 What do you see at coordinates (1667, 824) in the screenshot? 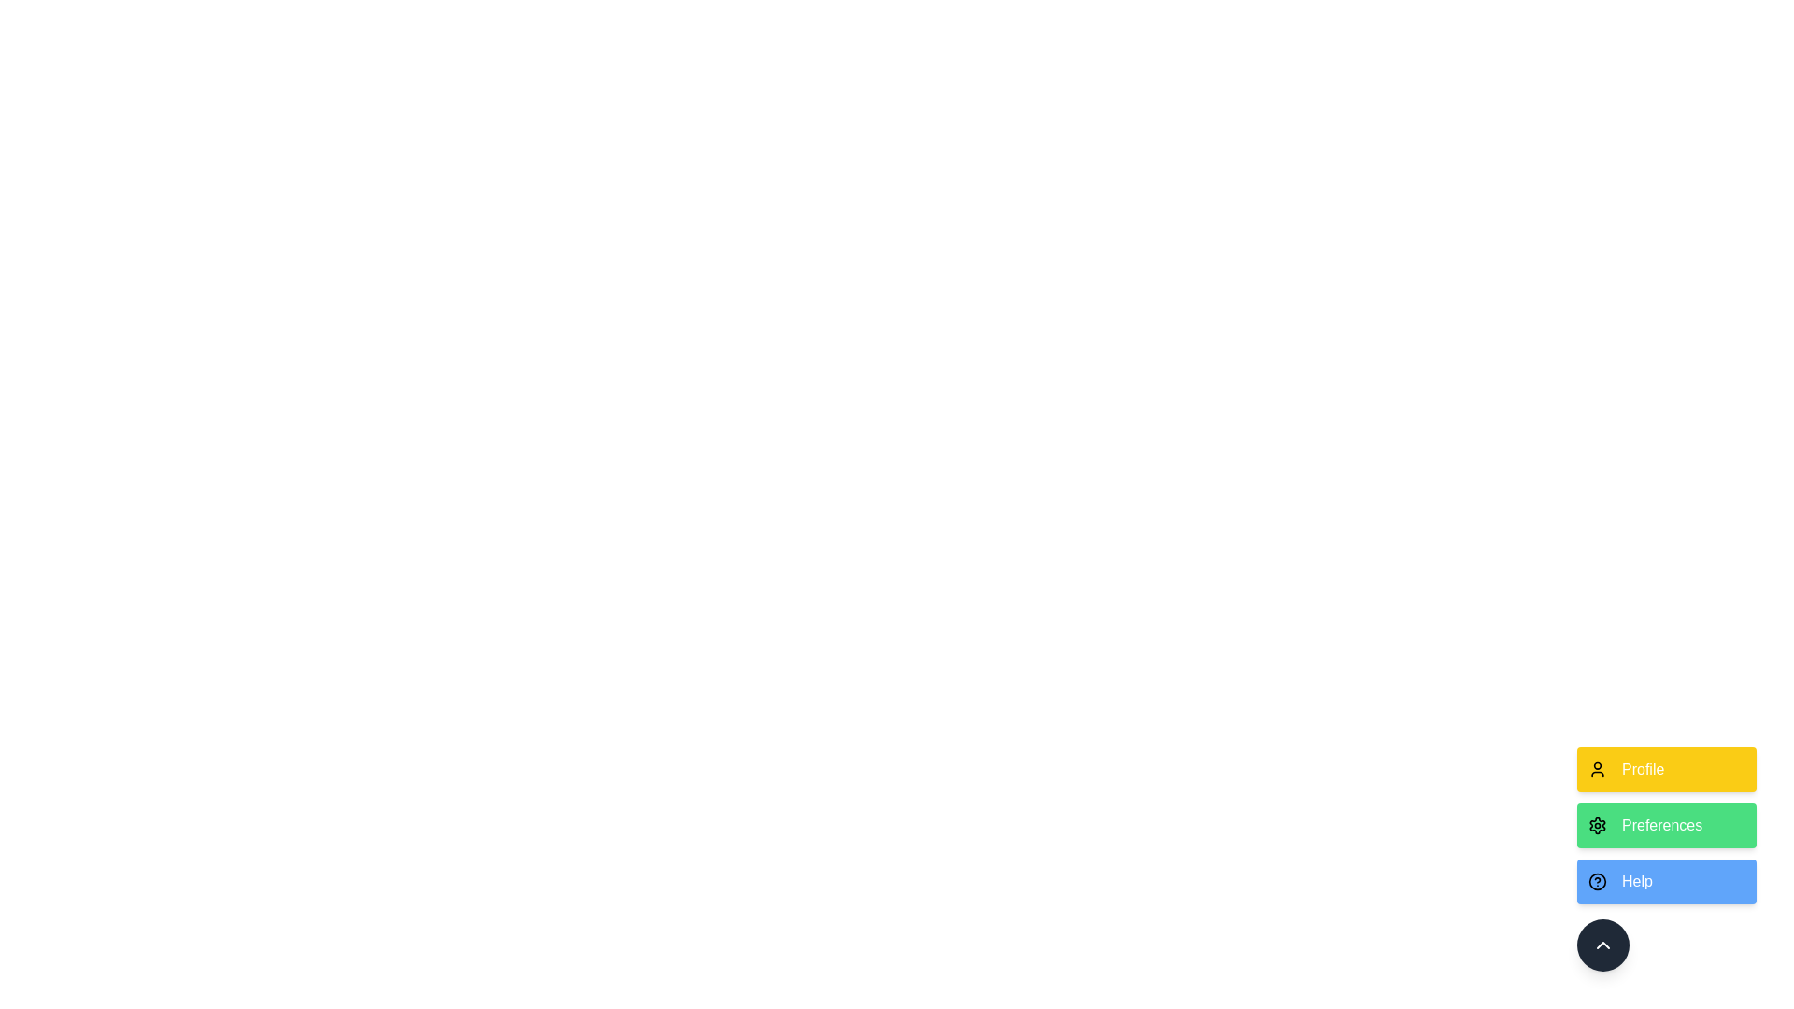
I see `the action labeled Preferences to observe the hover effect` at bounding box center [1667, 824].